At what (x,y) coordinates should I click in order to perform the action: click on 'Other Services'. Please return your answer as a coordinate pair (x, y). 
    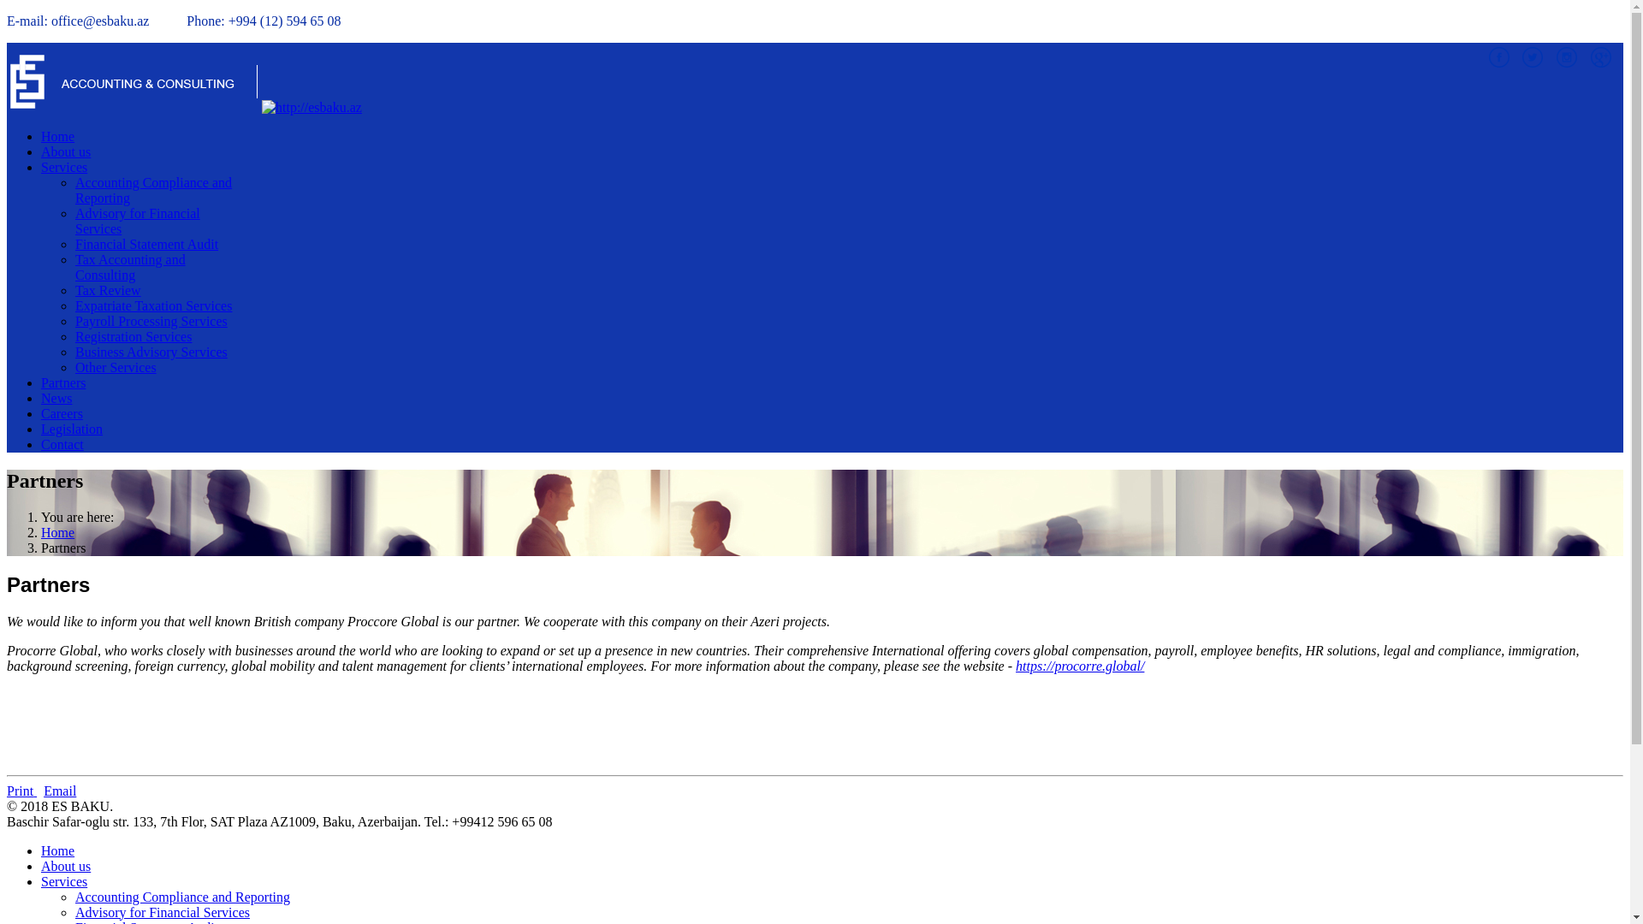
    Looking at the image, I should click on (74, 366).